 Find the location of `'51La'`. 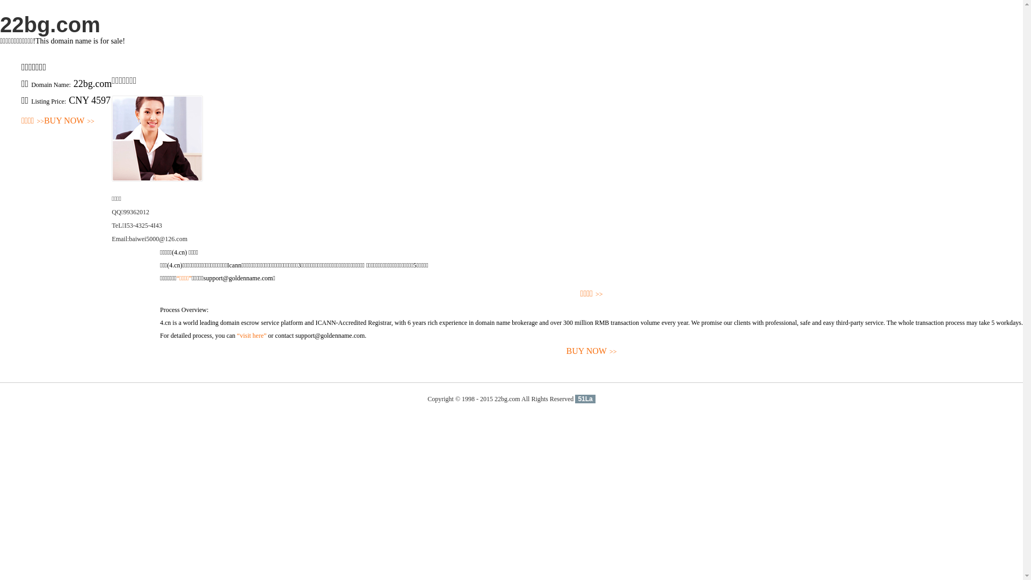

'51La' is located at coordinates (584, 399).